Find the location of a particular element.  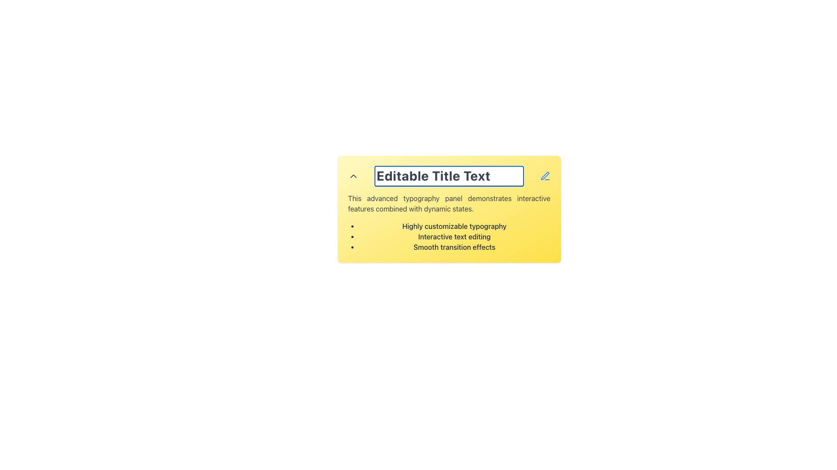

Informational text panel, which is centrally located within a rounded box with a gradient background and provides key features for the typography panel is located at coordinates (449, 222).